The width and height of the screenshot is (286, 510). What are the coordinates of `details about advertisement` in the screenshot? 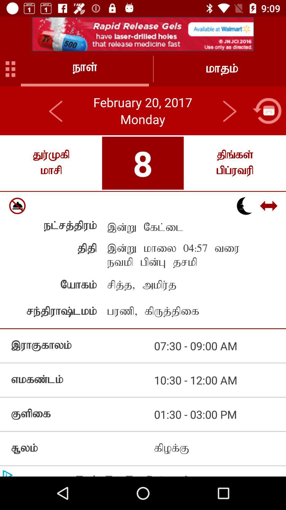 It's located at (143, 34).